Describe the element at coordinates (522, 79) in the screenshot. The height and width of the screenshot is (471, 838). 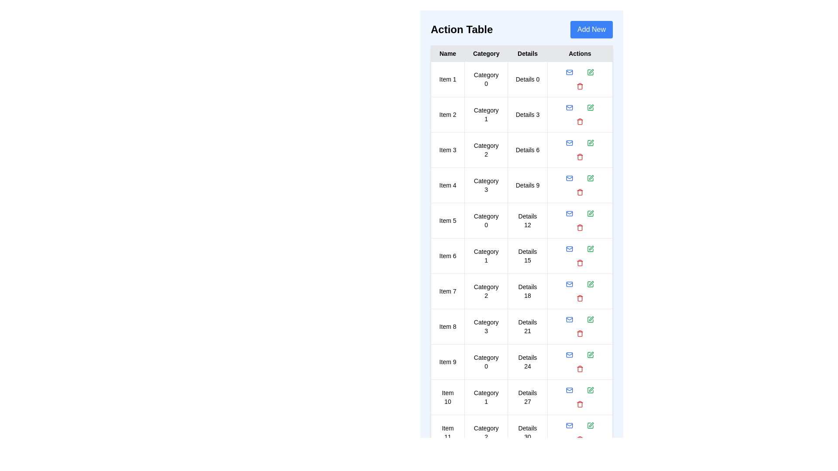
I see `the first row of the table to highlight it` at that location.